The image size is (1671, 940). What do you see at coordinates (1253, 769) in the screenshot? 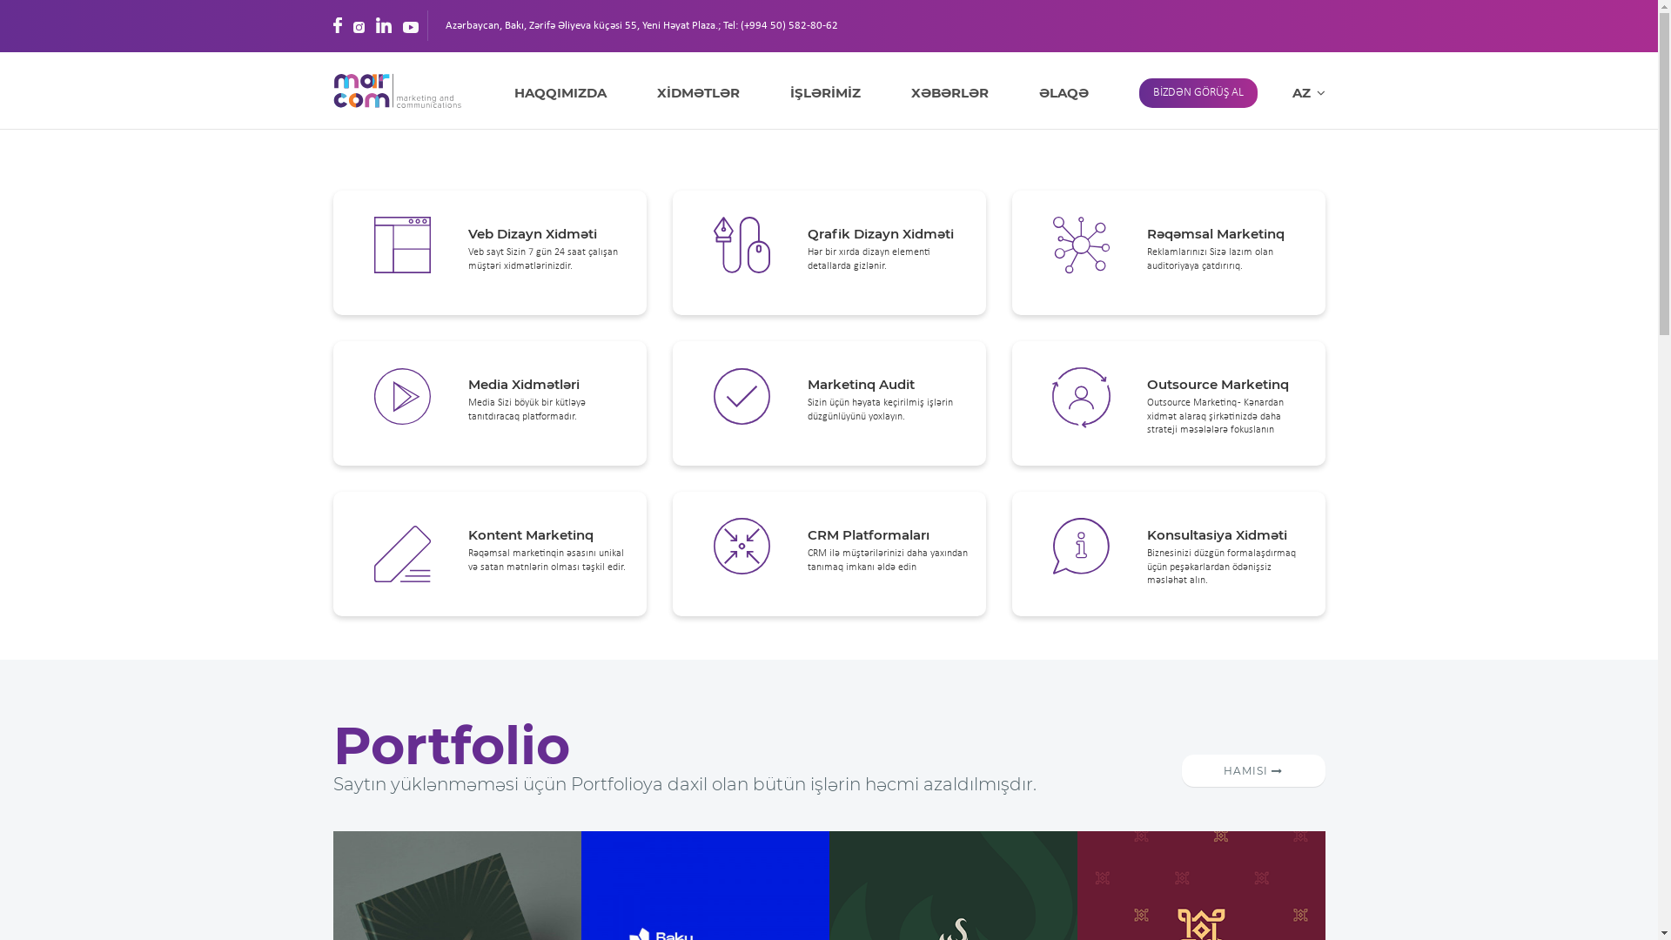
I see `'HAMISI'` at bounding box center [1253, 769].